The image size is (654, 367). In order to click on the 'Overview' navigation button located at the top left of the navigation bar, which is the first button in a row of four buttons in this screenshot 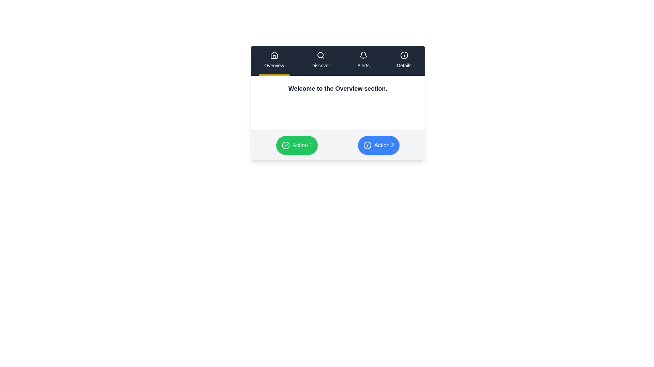, I will do `click(274, 60)`.